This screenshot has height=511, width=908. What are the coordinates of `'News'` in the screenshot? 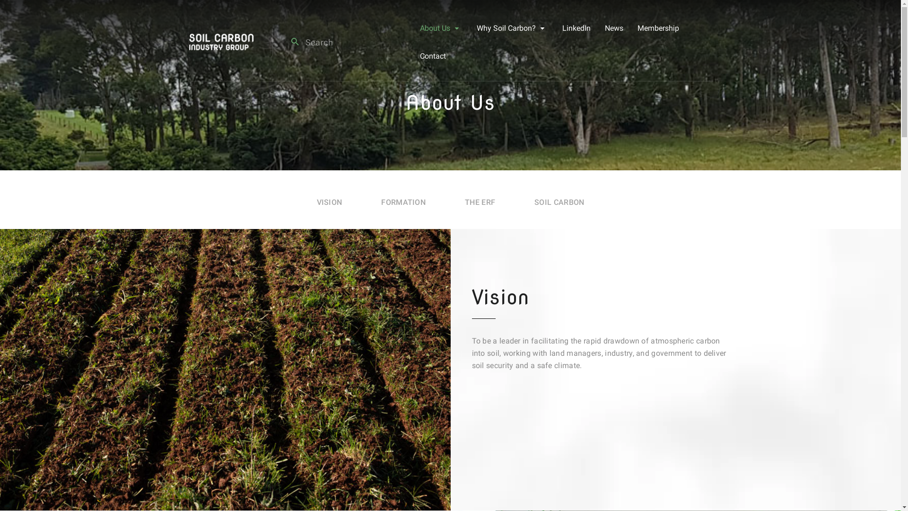 It's located at (603, 27).